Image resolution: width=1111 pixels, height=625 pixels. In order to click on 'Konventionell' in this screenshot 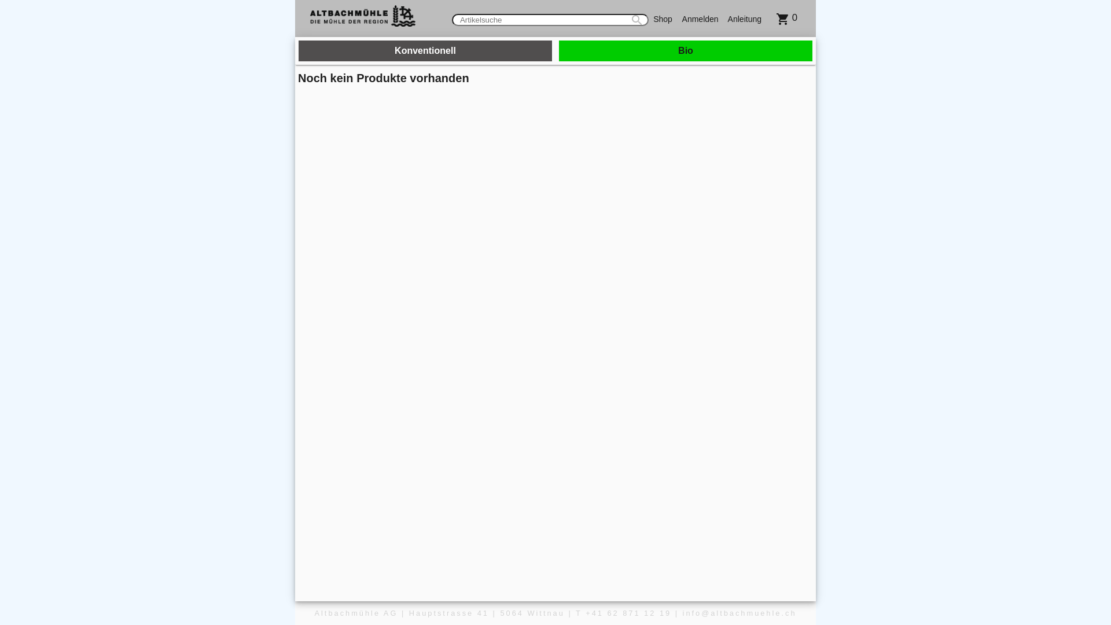, I will do `click(424, 50)`.